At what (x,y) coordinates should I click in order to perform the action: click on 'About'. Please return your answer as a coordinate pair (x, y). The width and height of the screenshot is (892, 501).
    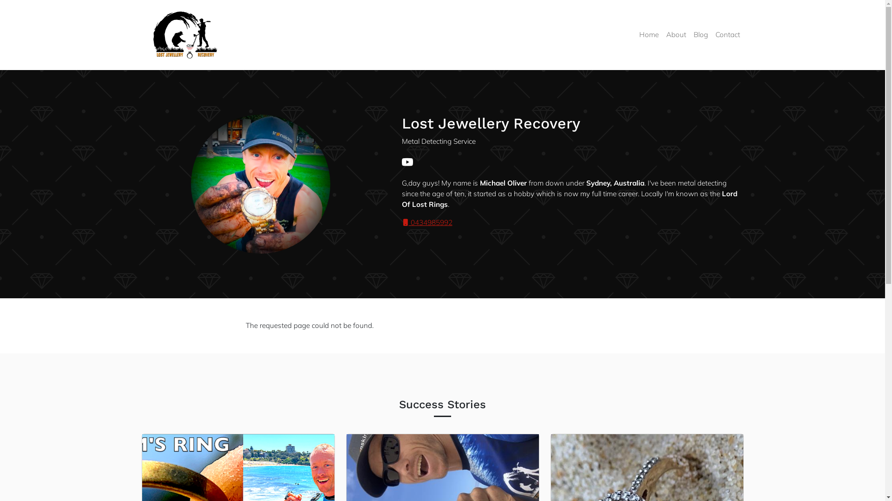
    Looking at the image, I should click on (676, 34).